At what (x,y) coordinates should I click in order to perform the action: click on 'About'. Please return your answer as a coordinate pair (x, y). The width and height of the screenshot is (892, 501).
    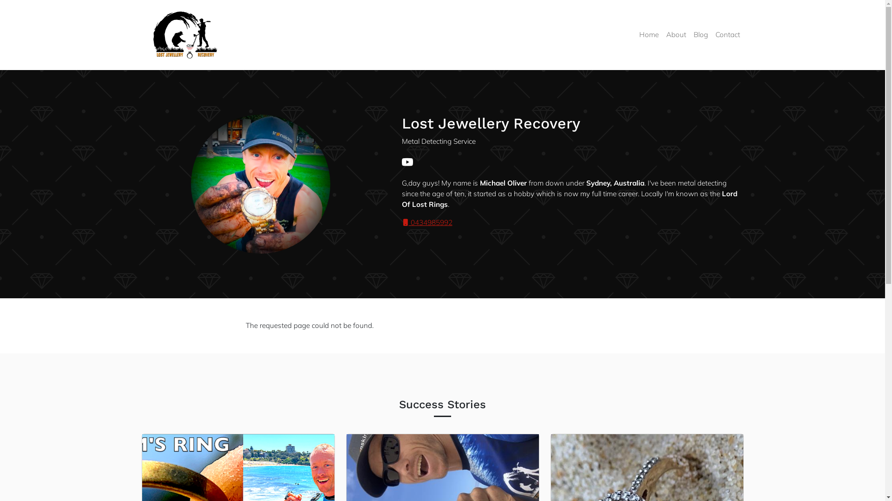
    Looking at the image, I should click on (676, 34).